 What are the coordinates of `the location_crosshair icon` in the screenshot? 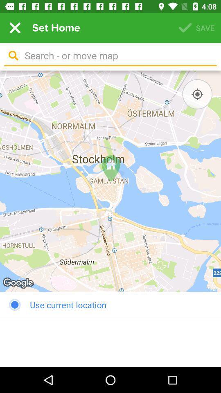 It's located at (197, 94).